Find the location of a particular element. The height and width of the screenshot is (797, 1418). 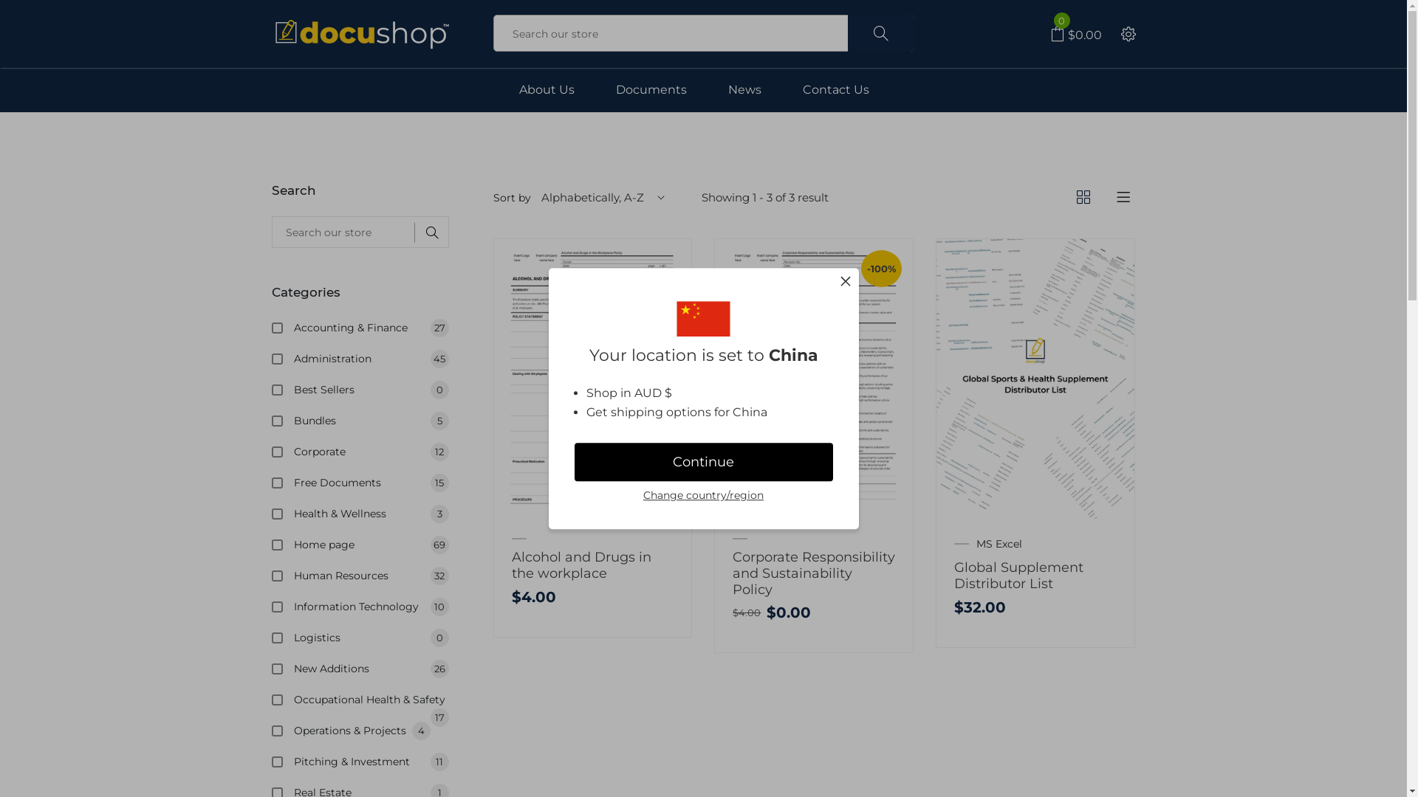

'Continue' is located at coordinates (703, 462).